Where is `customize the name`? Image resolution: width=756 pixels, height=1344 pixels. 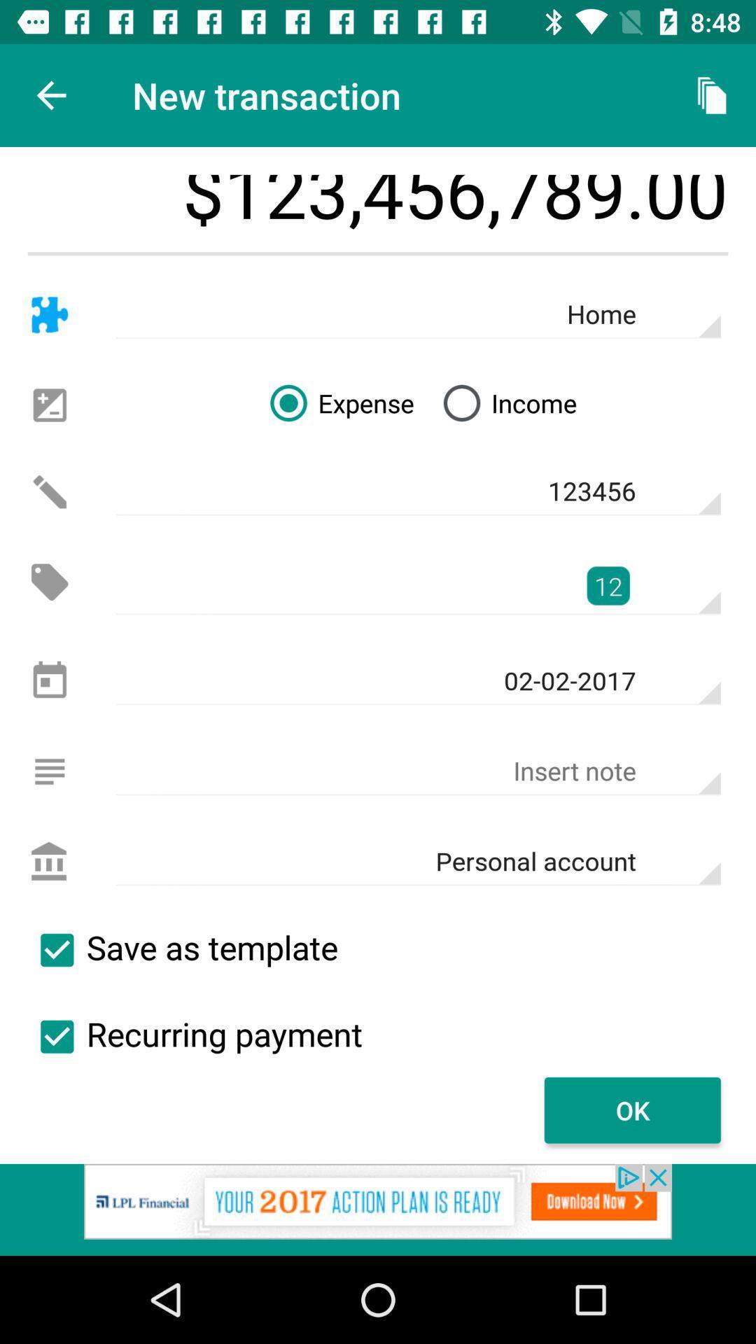
customize the name is located at coordinates (49, 314).